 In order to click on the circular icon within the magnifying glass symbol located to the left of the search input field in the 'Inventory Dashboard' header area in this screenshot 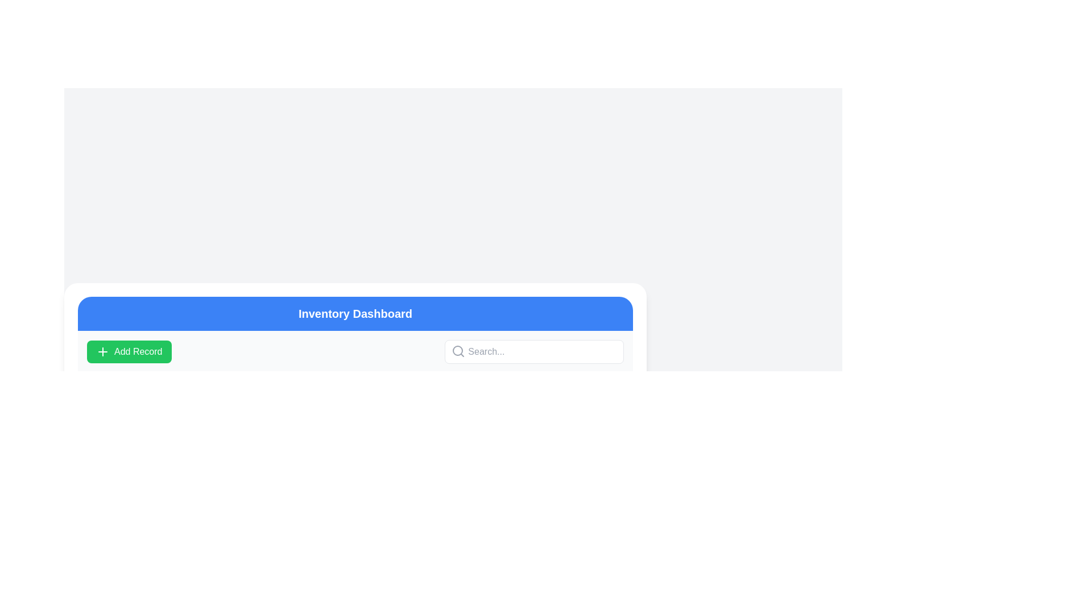, I will do `click(458, 350)`.